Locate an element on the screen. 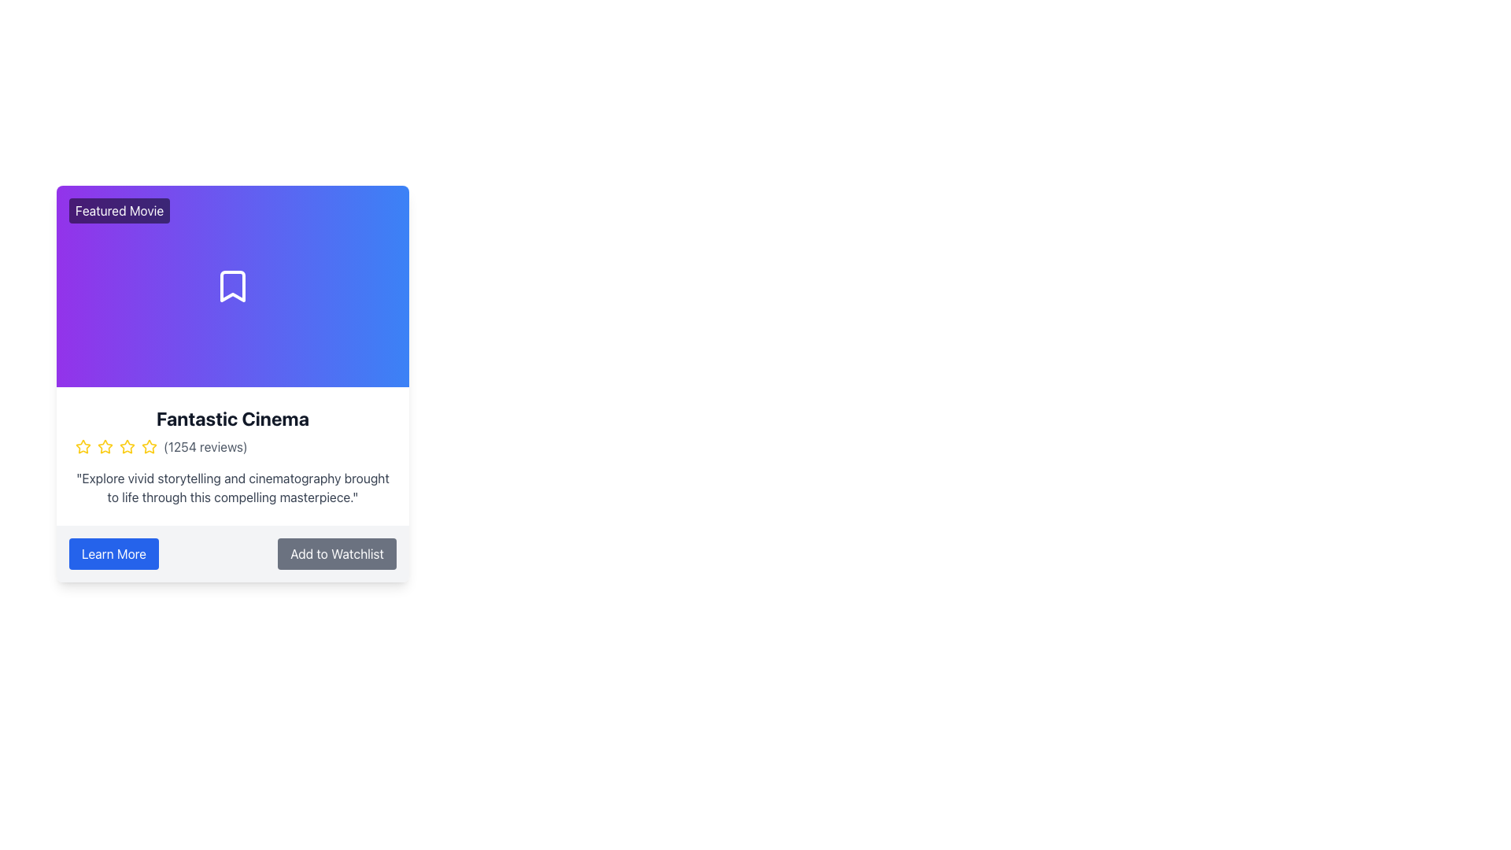 This screenshot has height=850, width=1511. text from the Content Block titled 'Fantastic Cinema', which includes the review count and descriptive paragraph is located at coordinates (232, 456).